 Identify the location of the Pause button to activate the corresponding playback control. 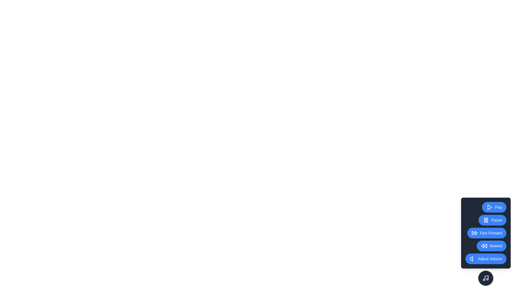
(492, 220).